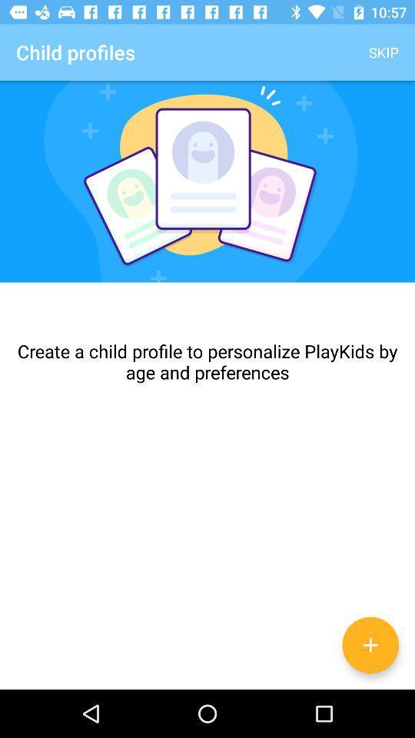  I want to click on the skip icon, so click(383, 52).